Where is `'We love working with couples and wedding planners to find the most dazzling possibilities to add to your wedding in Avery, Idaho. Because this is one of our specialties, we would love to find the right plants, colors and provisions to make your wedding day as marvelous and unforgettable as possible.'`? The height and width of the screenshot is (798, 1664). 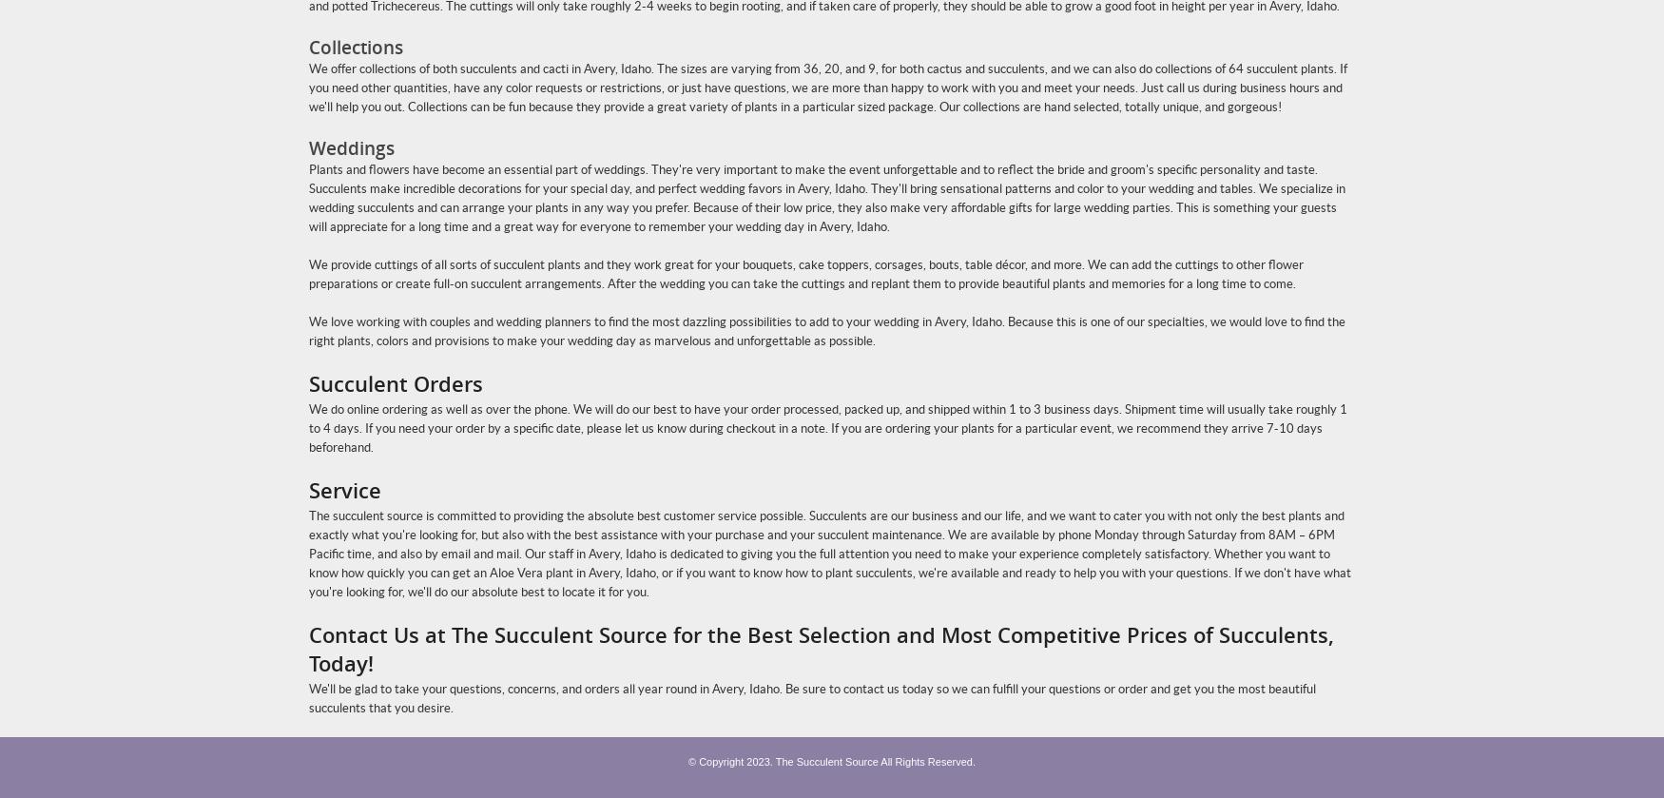 'We love working with couples and wedding planners to find the most dazzling possibilities to add to your wedding in Avery, Idaho. Because this is one of our specialties, we would love to find the right plants, colors and provisions to make your wedding day as marvelous and unforgettable as possible.' is located at coordinates (826, 331).